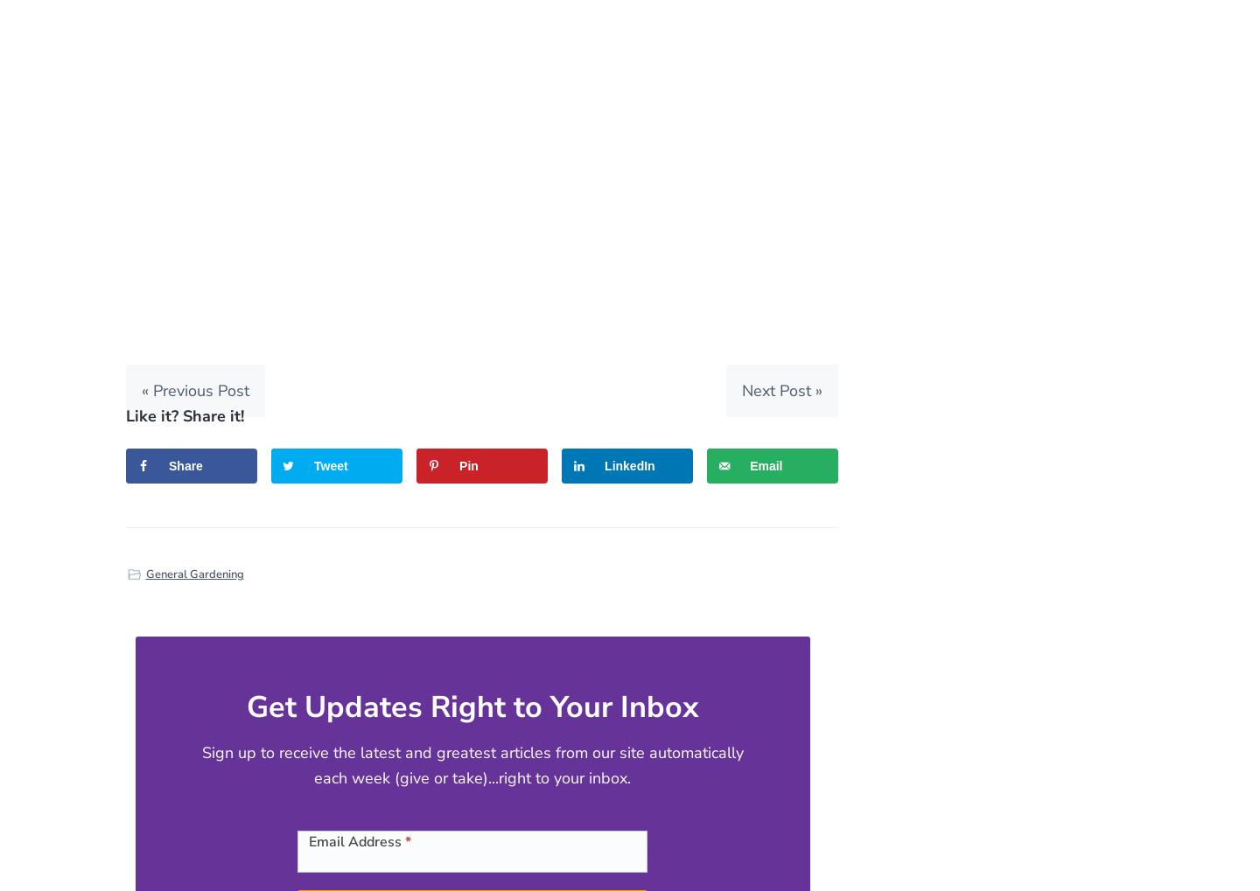  What do you see at coordinates (471, 706) in the screenshot?
I see `'Get Updates Right to Your Inbox'` at bounding box center [471, 706].